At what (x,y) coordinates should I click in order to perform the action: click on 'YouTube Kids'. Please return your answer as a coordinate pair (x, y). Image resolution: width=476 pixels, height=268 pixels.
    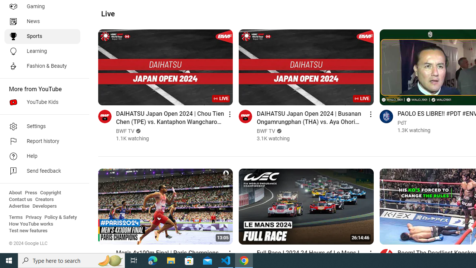
    Looking at the image, I should click on (42, 102).